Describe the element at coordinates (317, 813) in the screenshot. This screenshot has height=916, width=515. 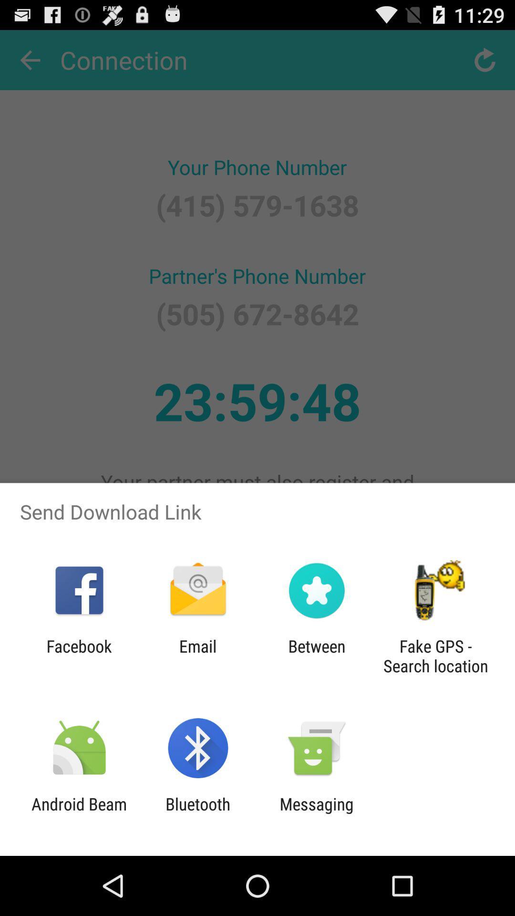
I see `the item next to the bluetooth` at that location.